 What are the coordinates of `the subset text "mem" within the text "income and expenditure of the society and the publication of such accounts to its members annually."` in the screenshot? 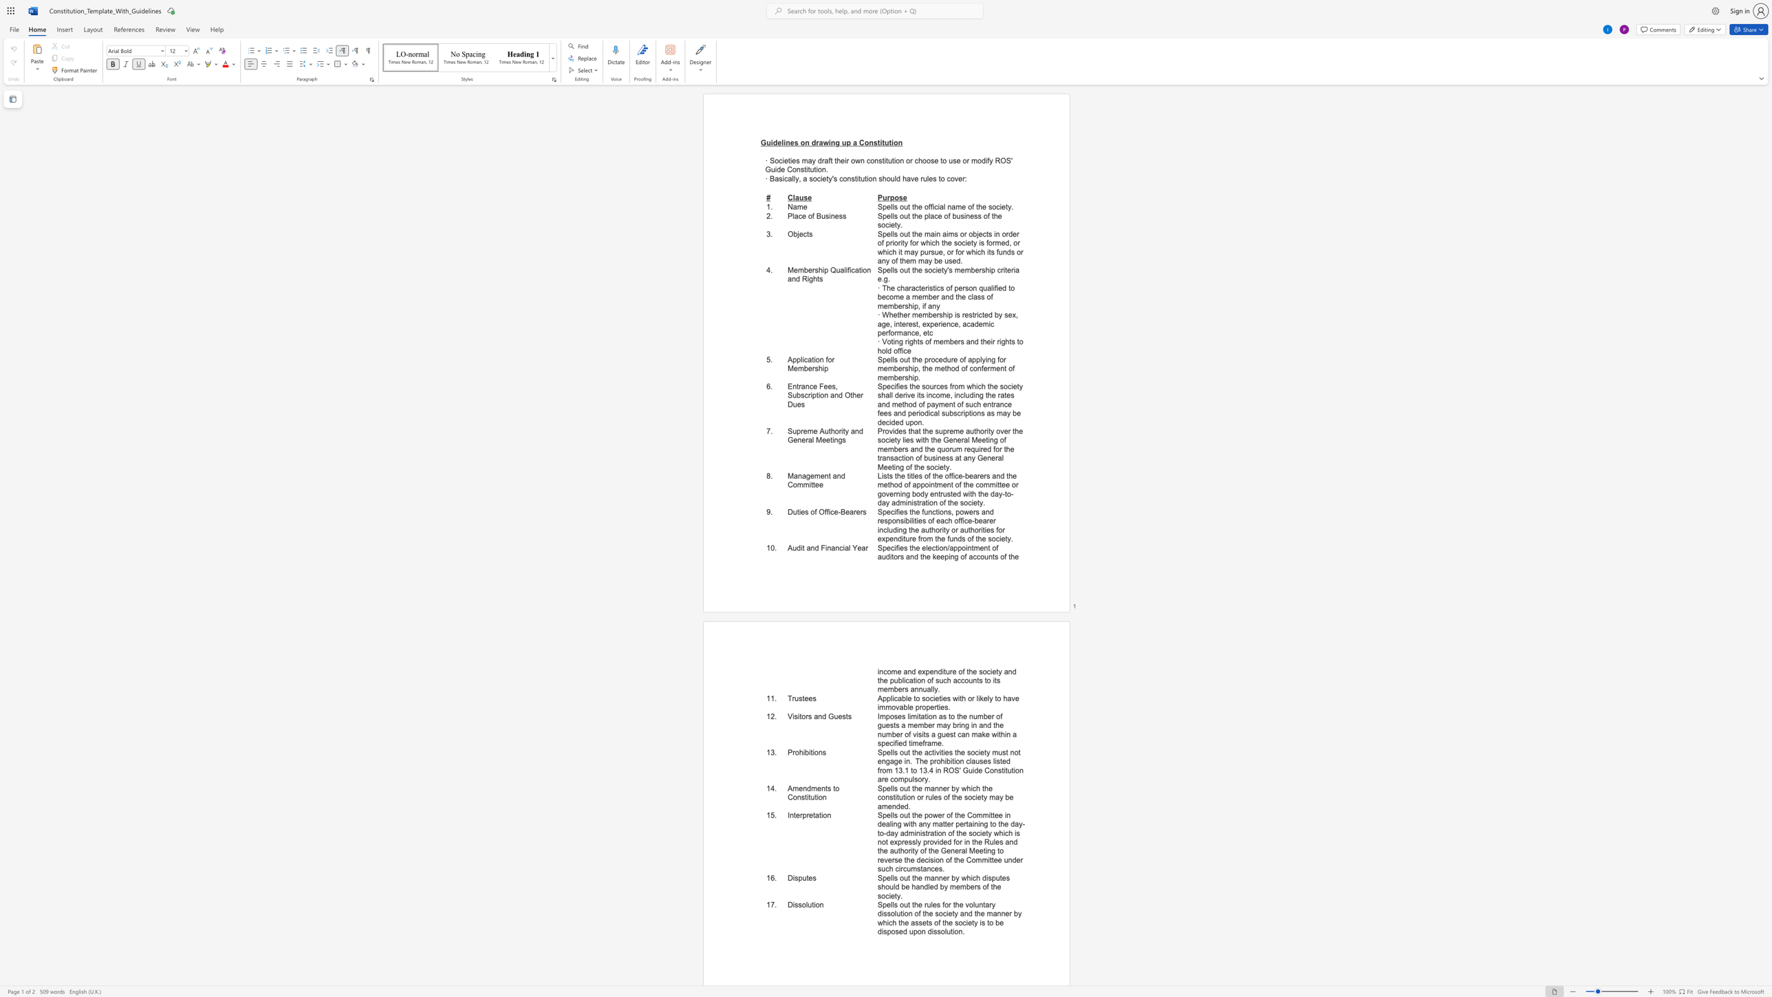 It's located at (877, 689).